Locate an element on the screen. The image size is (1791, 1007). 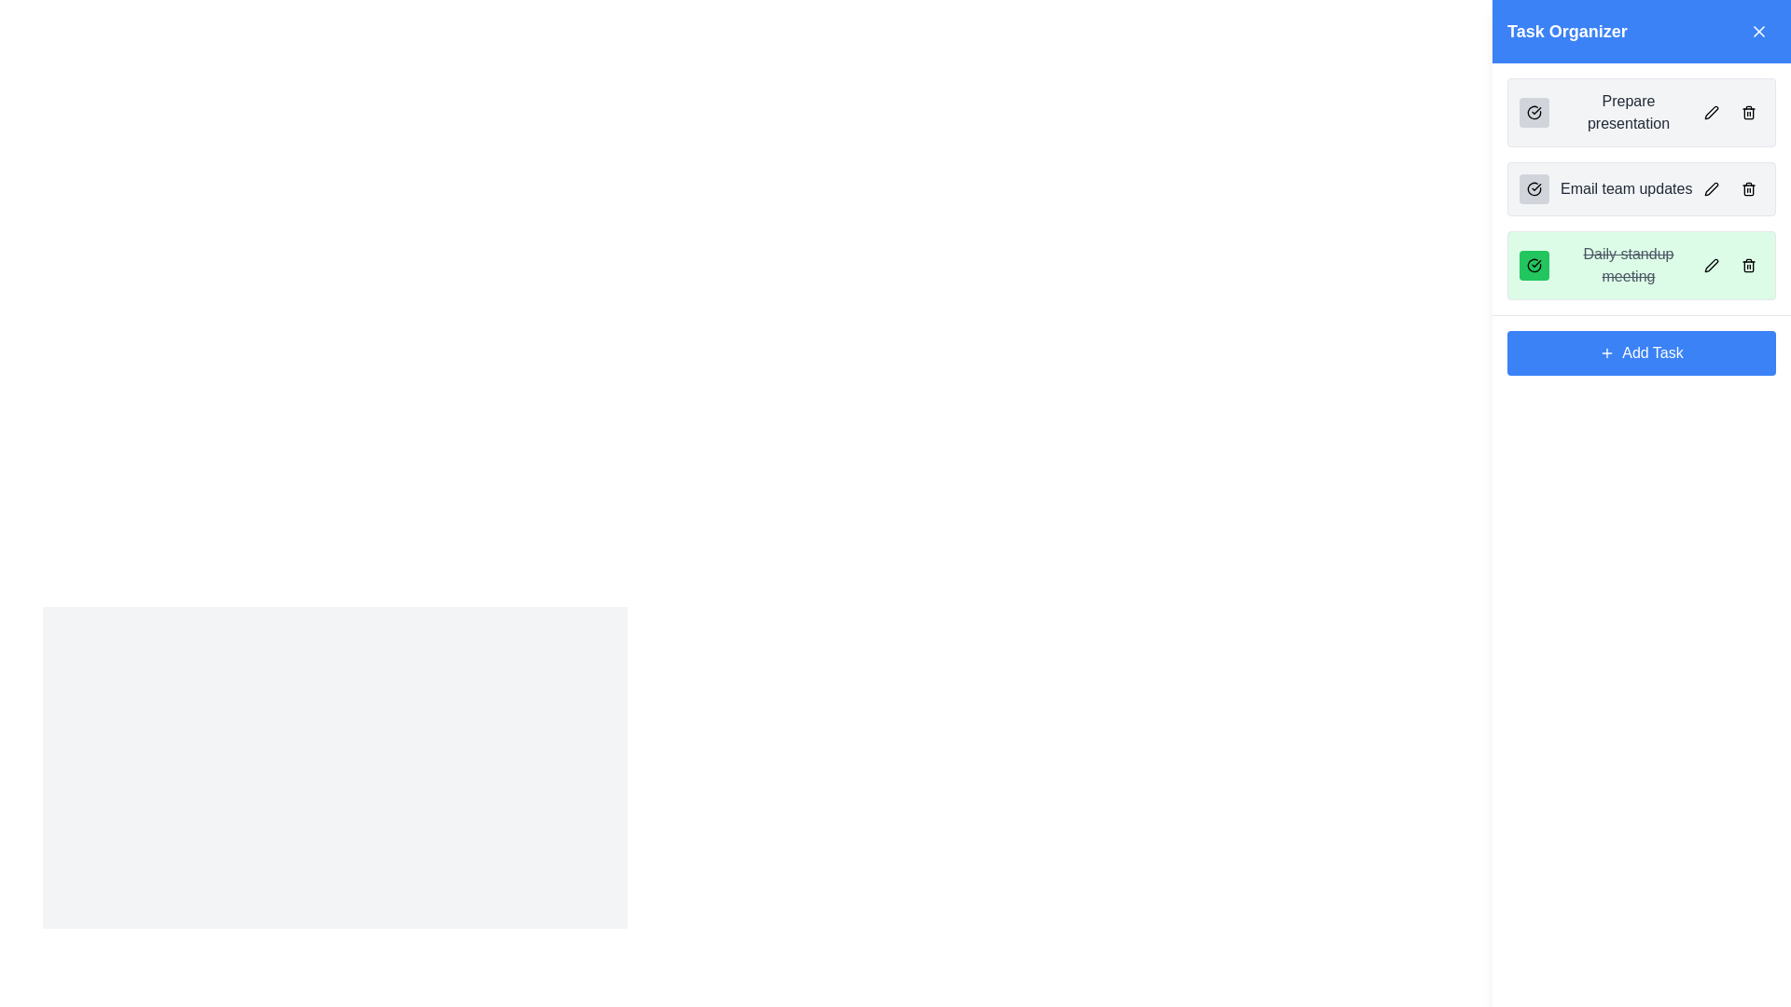
the third completed task item in the Task Organizer, which has a green background and line-through text, located between 'Email team updates' and 'Add Task' is located at coordinates (1642, 266).